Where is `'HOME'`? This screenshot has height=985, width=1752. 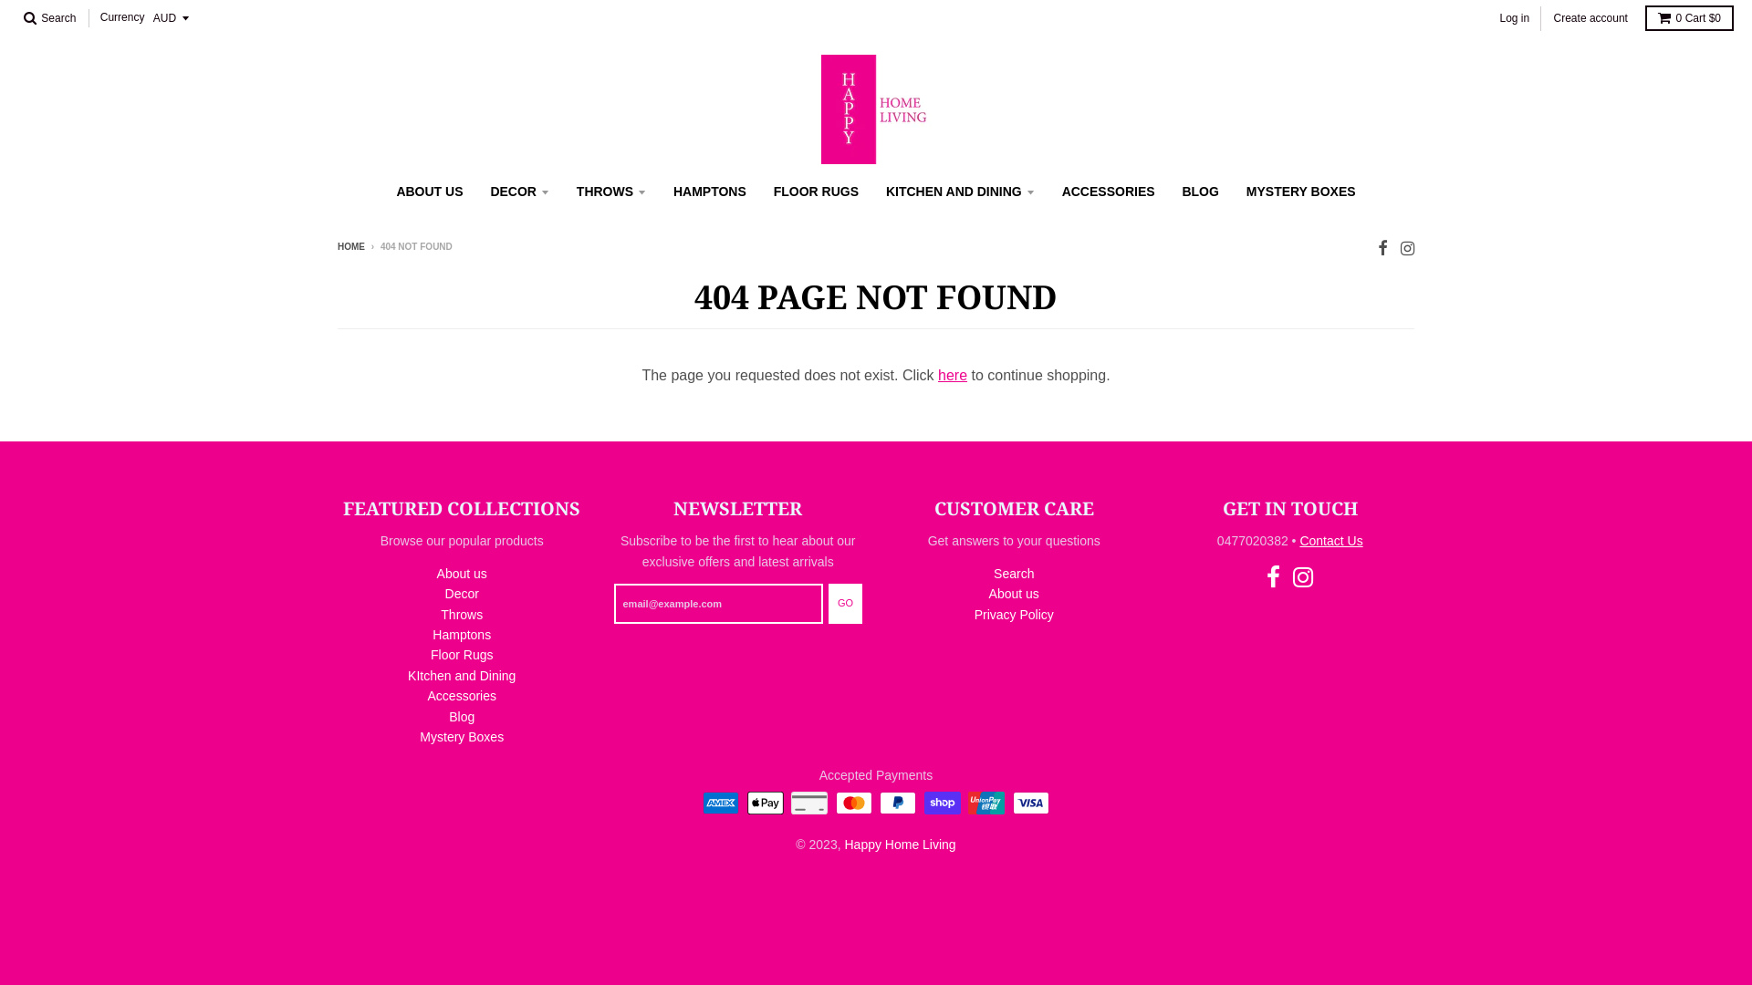
'HOME' is located at coordinates (350, 246).